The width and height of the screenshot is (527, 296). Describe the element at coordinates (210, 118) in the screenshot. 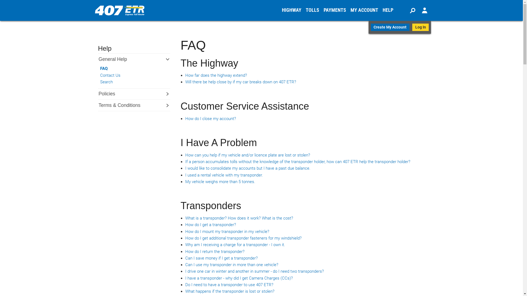

I see `'How do I close my account?'` at that location.